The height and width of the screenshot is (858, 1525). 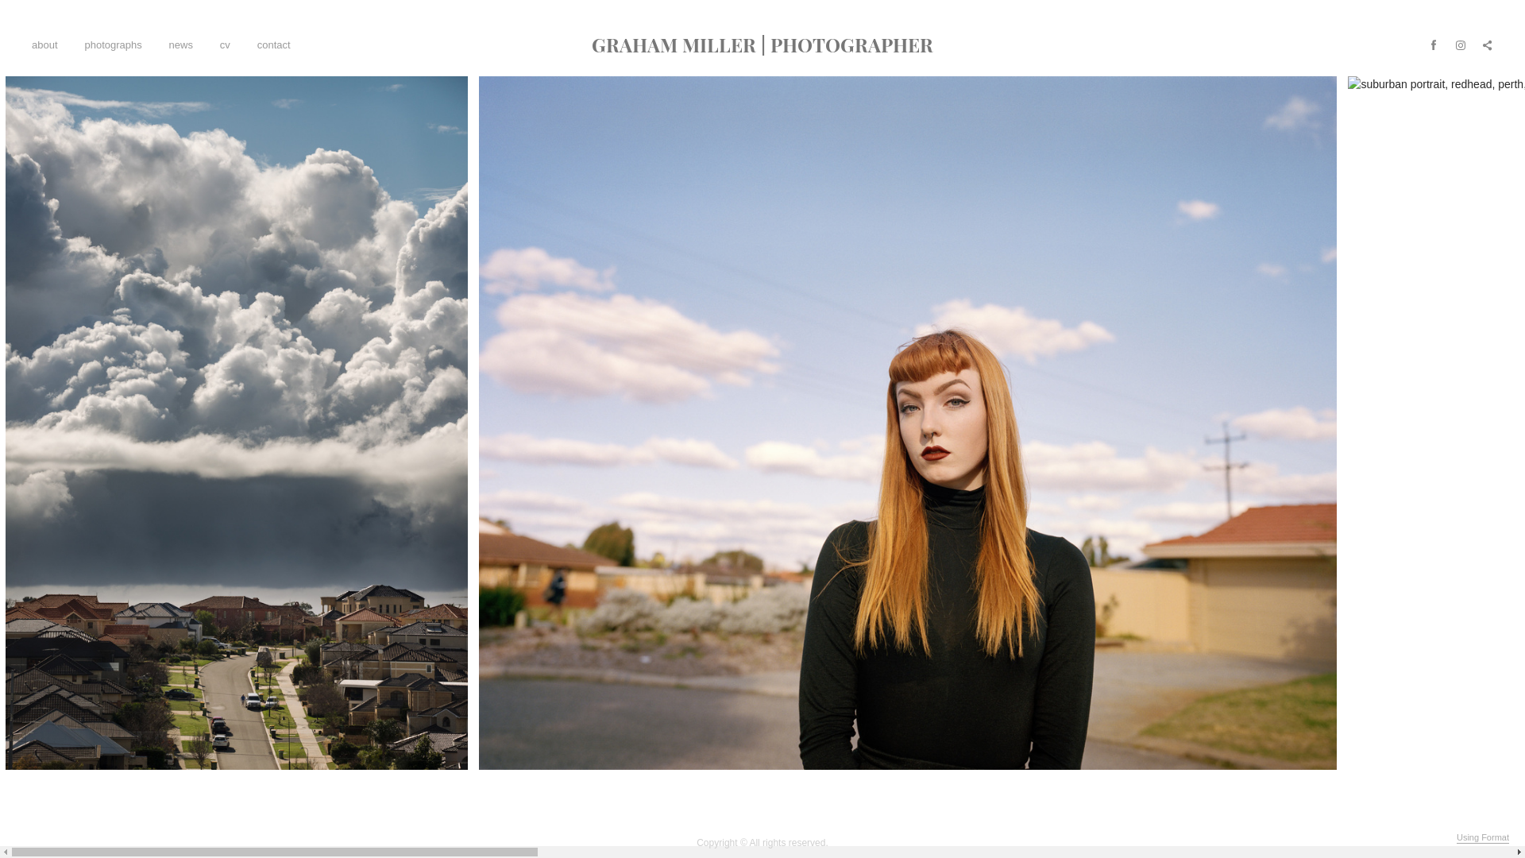 What do you see at coordinates (1456, 837) in the screenshot?
I see `'Using Format'` at bounding box center [1456, 837].